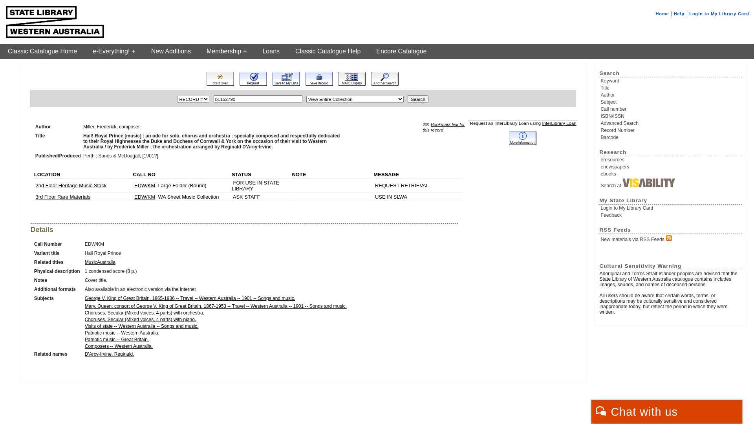  What do you see at coordinates (600, 109) in the screenshot?
I see `'Call number'` at bounding box center [600, 109].